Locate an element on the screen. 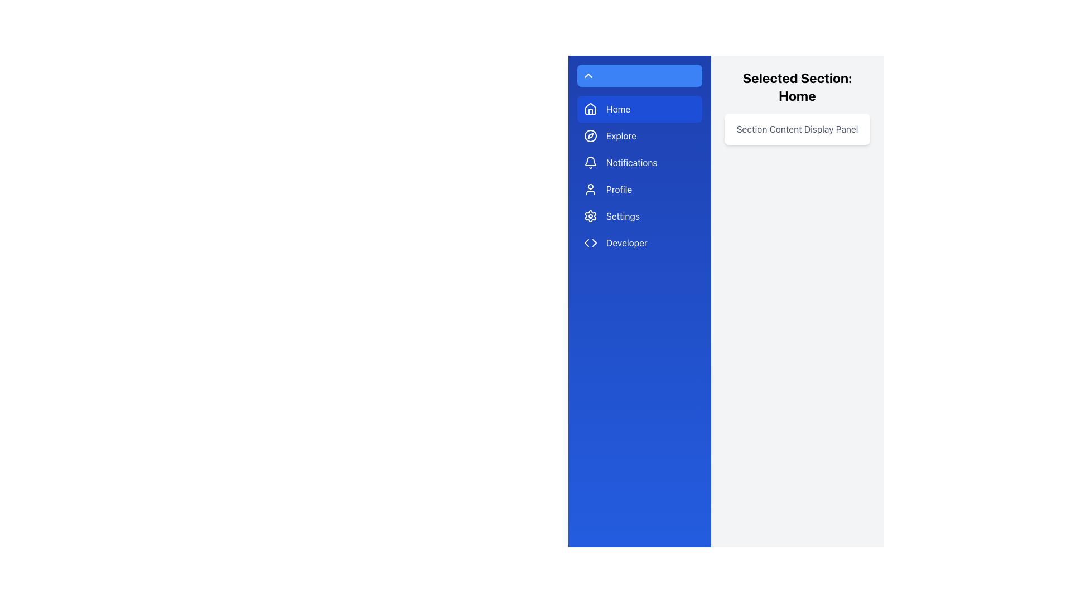 This screenshot has width=1071, height=602. the left-pointing arrow icon within the sidebar menu of the blue vertical navigation bar, which is part of the 'Developer' icon setup is located at coordinates (586, 242).